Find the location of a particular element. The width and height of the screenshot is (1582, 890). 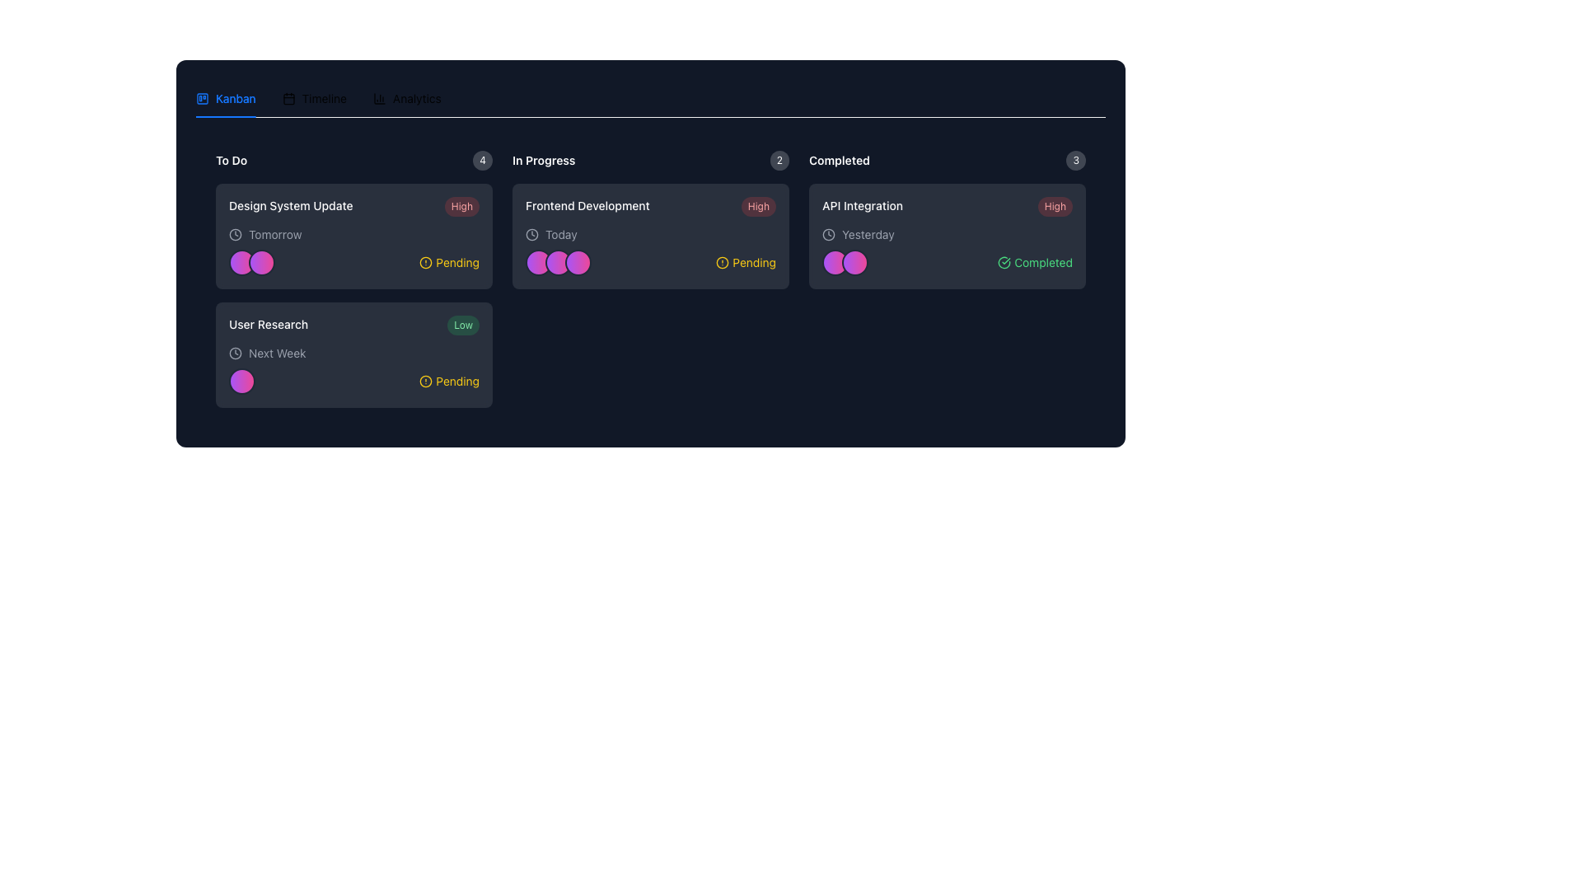

the card containing the task titled 'Frontend Development' with a priority level of 'High' in the 'In Progress' column of the kanban board is located at coordinates (650, 205).